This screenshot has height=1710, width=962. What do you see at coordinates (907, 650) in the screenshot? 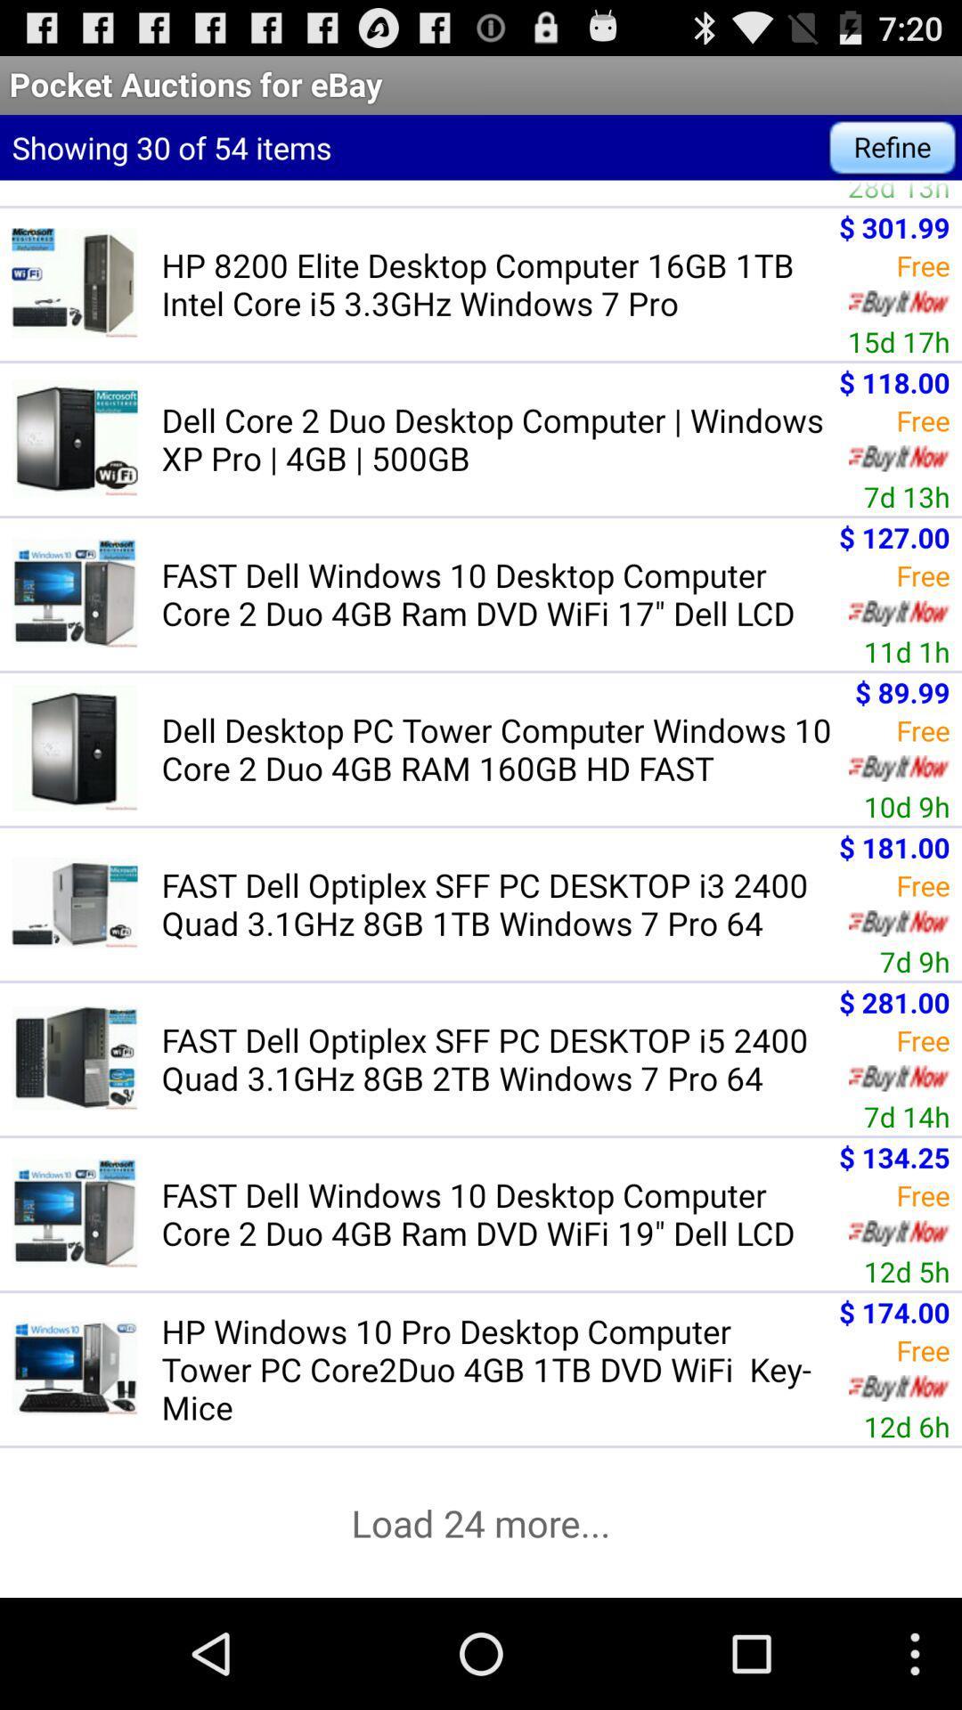
I see `11d 1h item` at bounding box center [907, 650].